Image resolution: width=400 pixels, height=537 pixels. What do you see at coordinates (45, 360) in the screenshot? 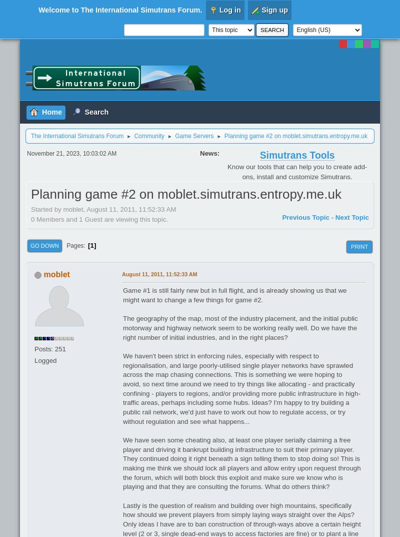
I see `'Logged'` at bounding box center [45, 360].